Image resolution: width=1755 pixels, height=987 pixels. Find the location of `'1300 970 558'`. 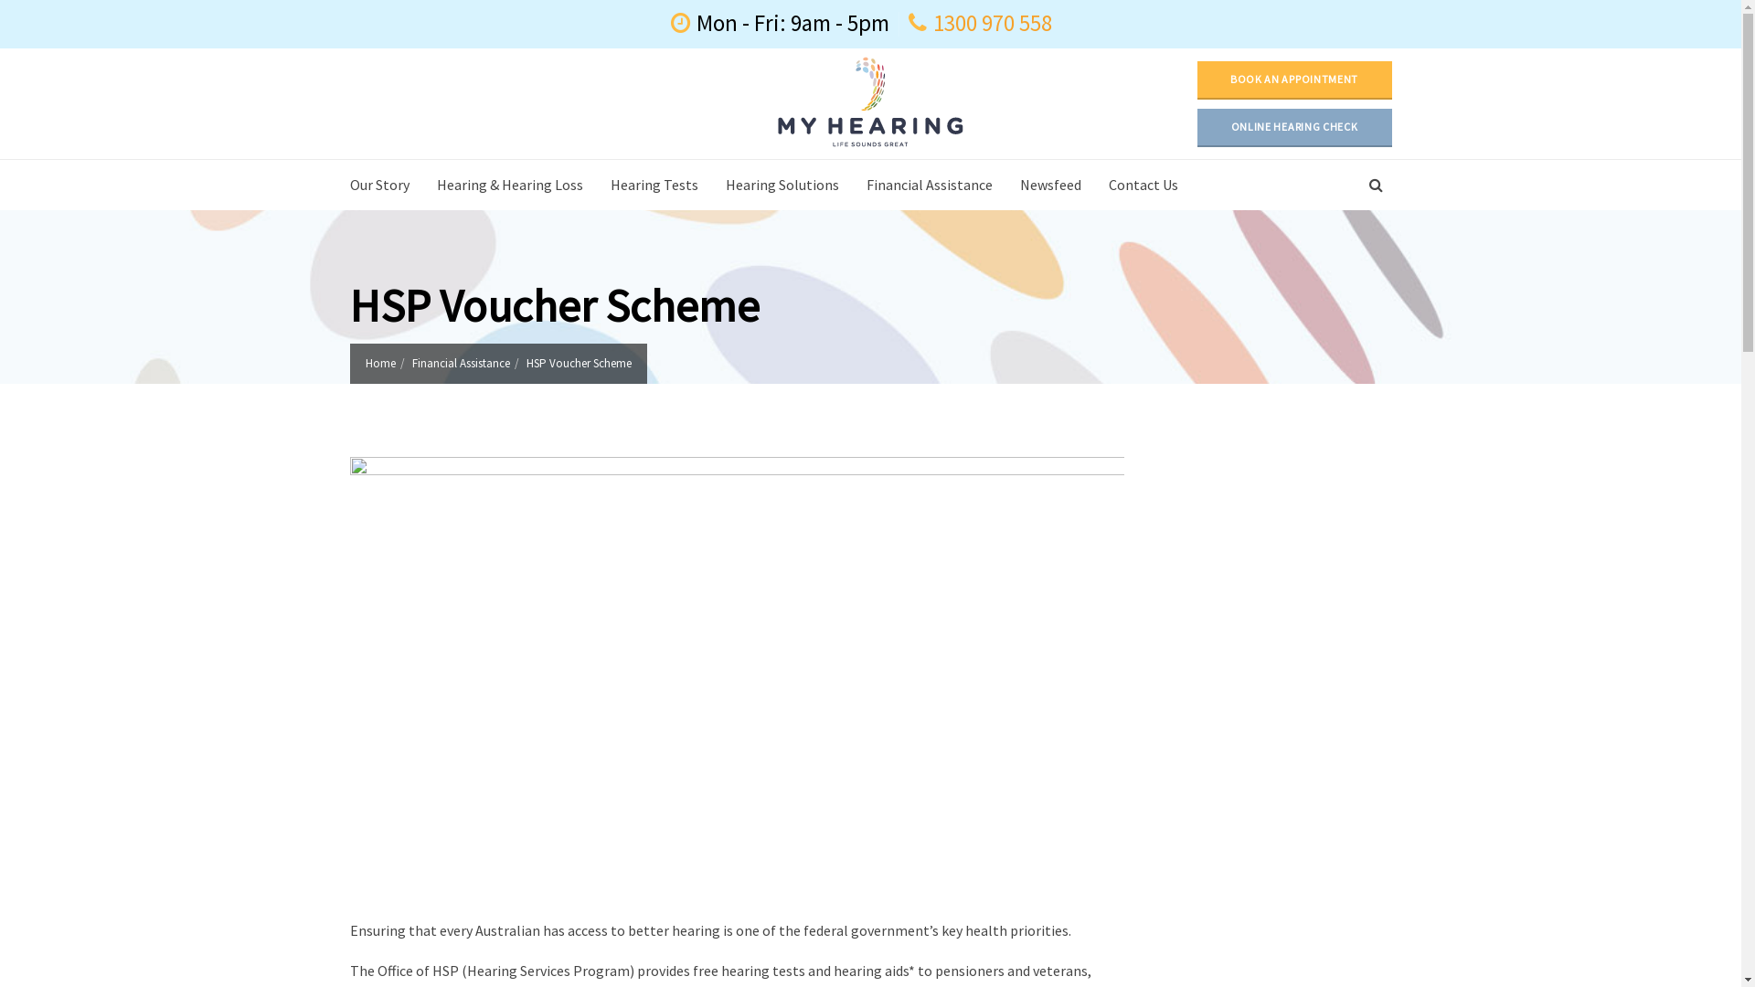

'1300 970 558' is located at coordinates (991, 22).